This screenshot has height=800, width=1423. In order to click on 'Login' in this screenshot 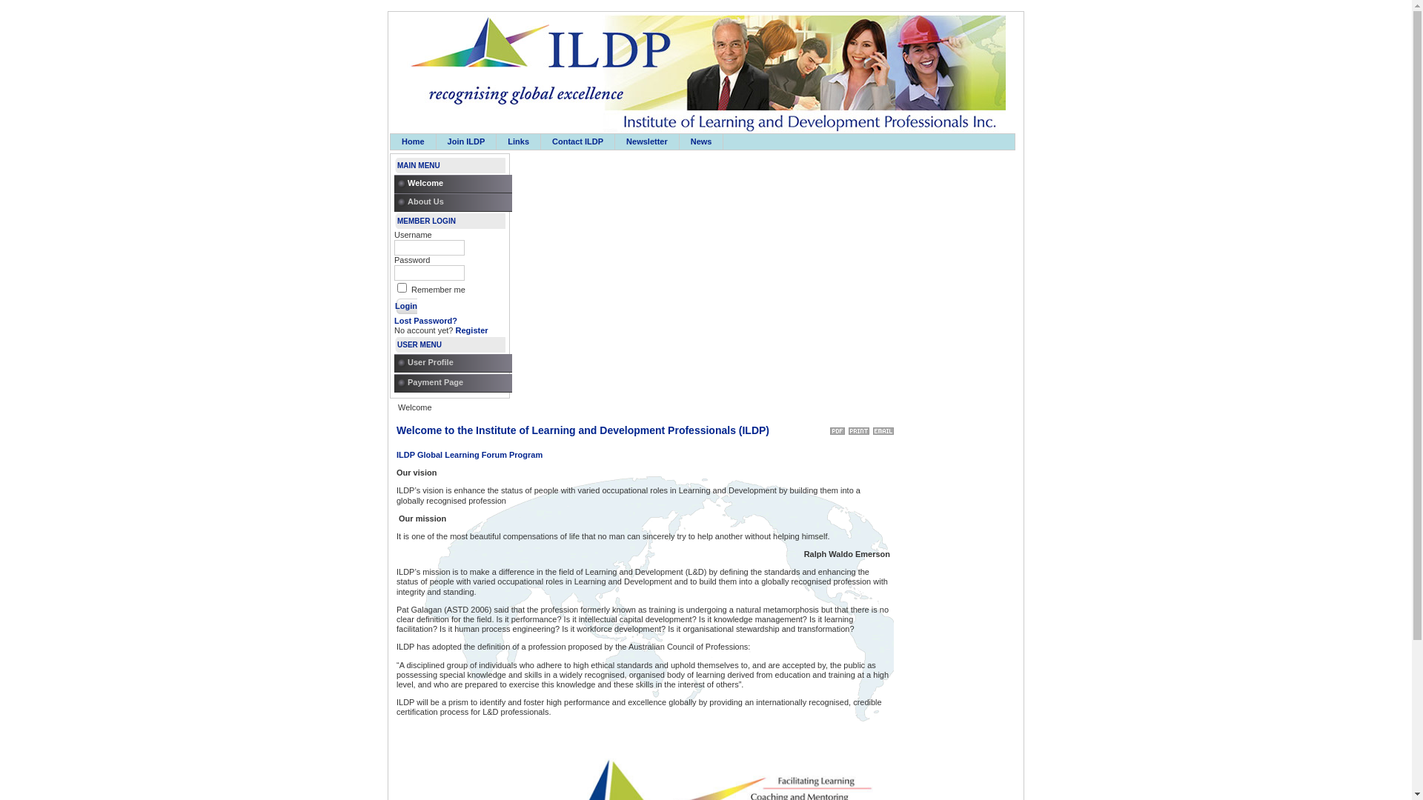, I will do `click(405, 304)`.